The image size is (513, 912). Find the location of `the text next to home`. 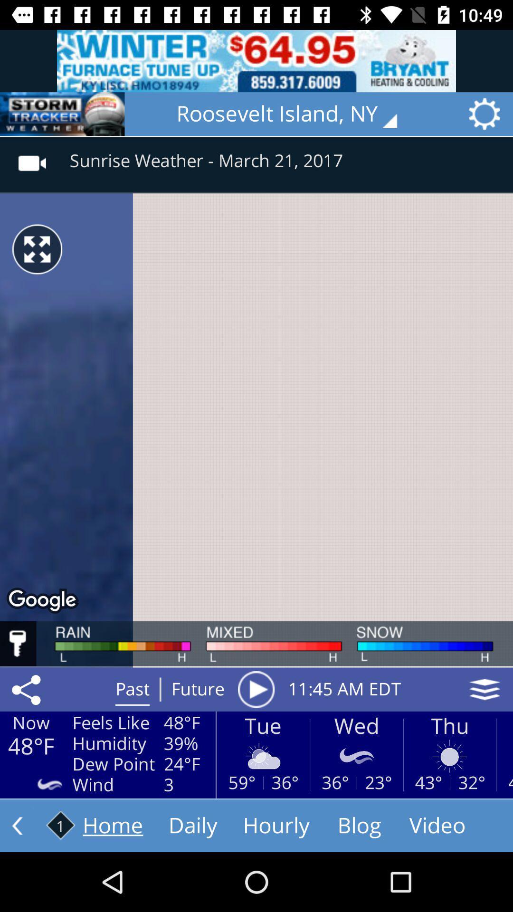

the text next to home is located at coordinates (192, 825).